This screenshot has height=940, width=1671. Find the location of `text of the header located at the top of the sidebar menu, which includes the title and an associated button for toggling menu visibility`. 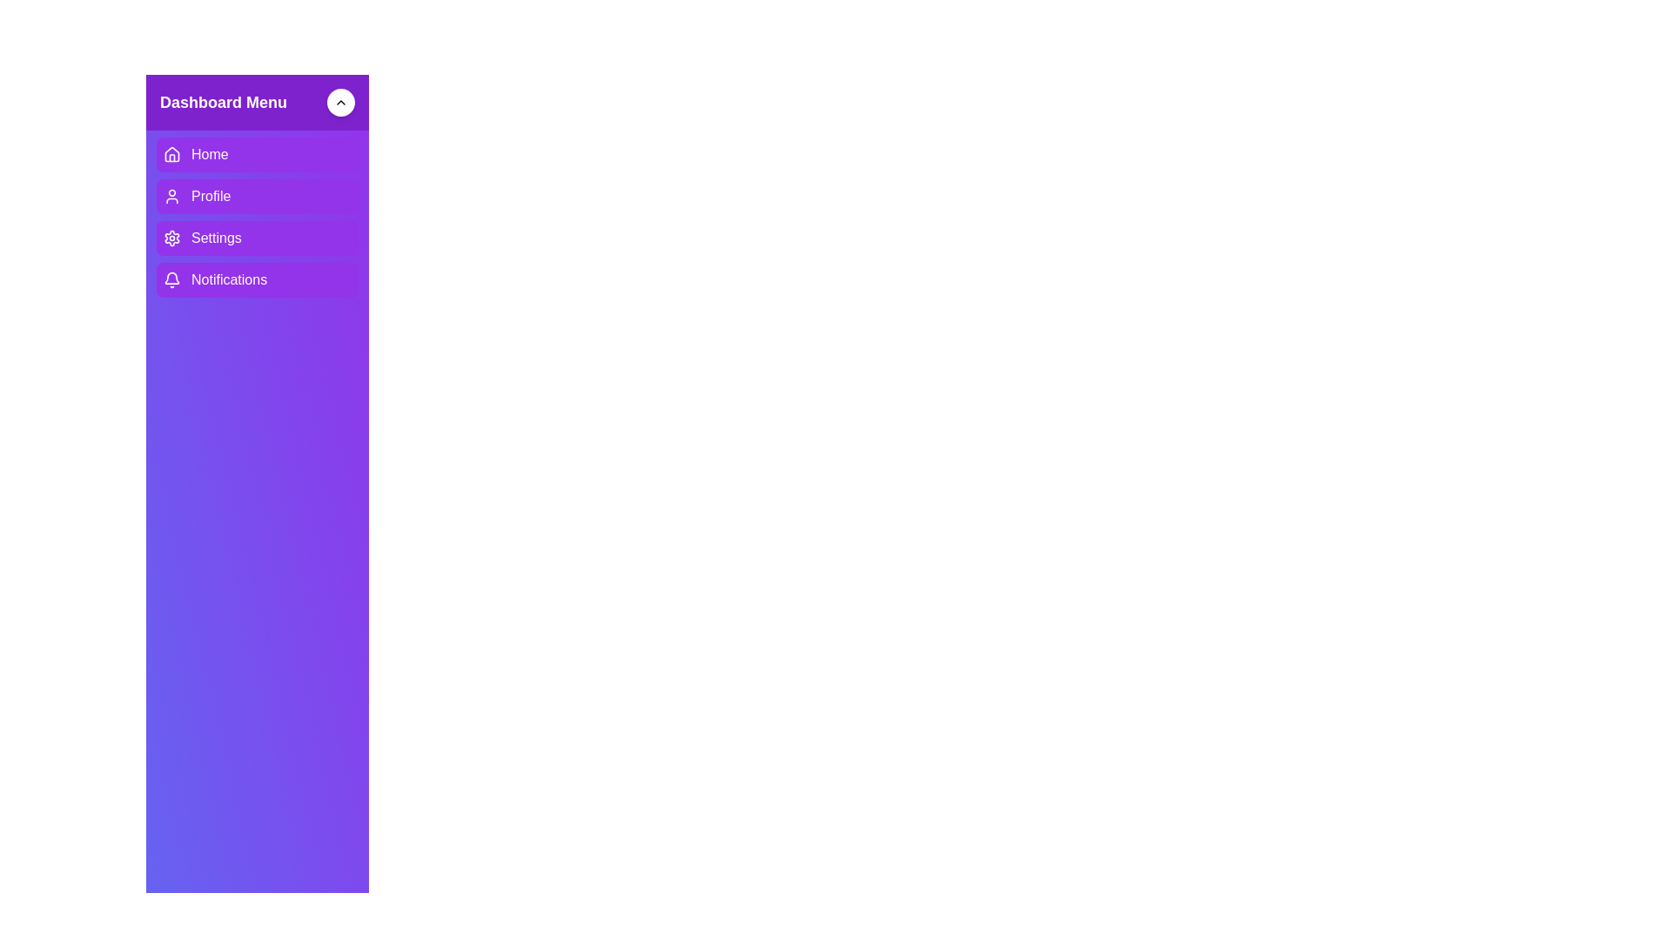

text of the header located at the top of the sidebar menu, which includes the title and an associated button for toggling menu visibility is located at coordinates (257, 103).